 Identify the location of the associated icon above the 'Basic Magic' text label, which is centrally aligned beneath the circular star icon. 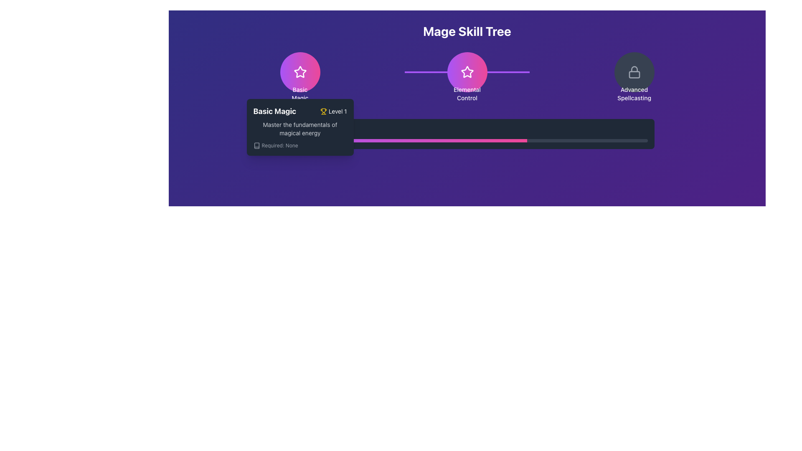
(300, 94).